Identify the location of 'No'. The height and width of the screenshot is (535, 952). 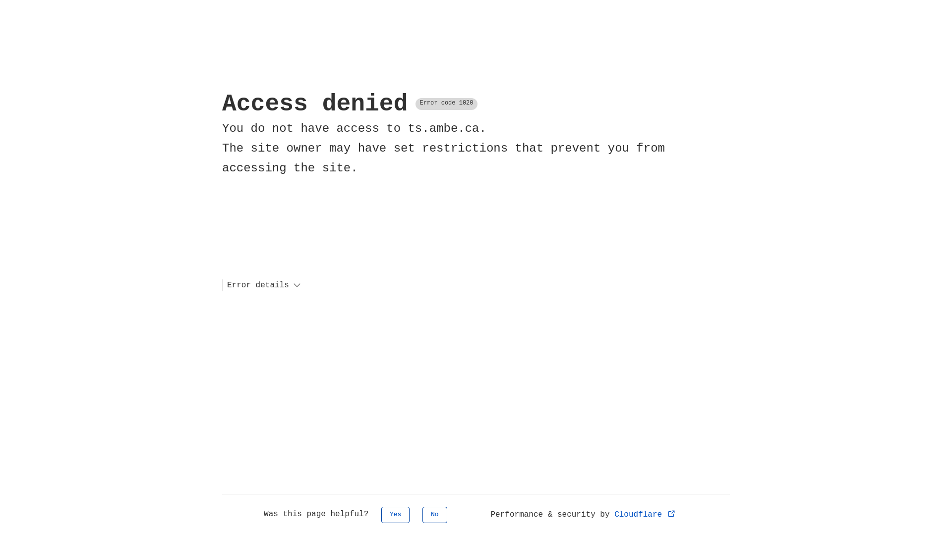
(435, 514).